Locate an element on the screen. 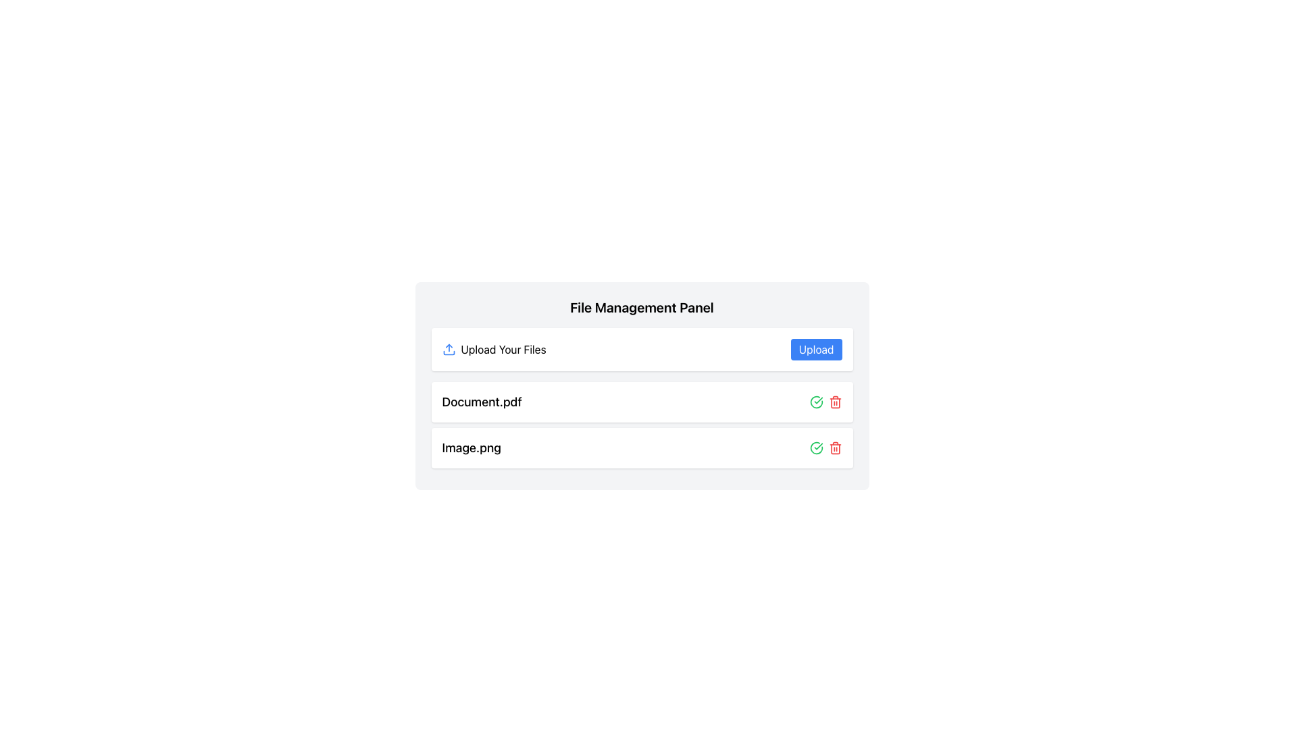 The width and height of the screenshot is (1297, 729). text from the label located to the right of the file upload icon and left of the blue 'Upload' button, positioned in the upper section of the form-like layout is located at coordinates (503, 348).